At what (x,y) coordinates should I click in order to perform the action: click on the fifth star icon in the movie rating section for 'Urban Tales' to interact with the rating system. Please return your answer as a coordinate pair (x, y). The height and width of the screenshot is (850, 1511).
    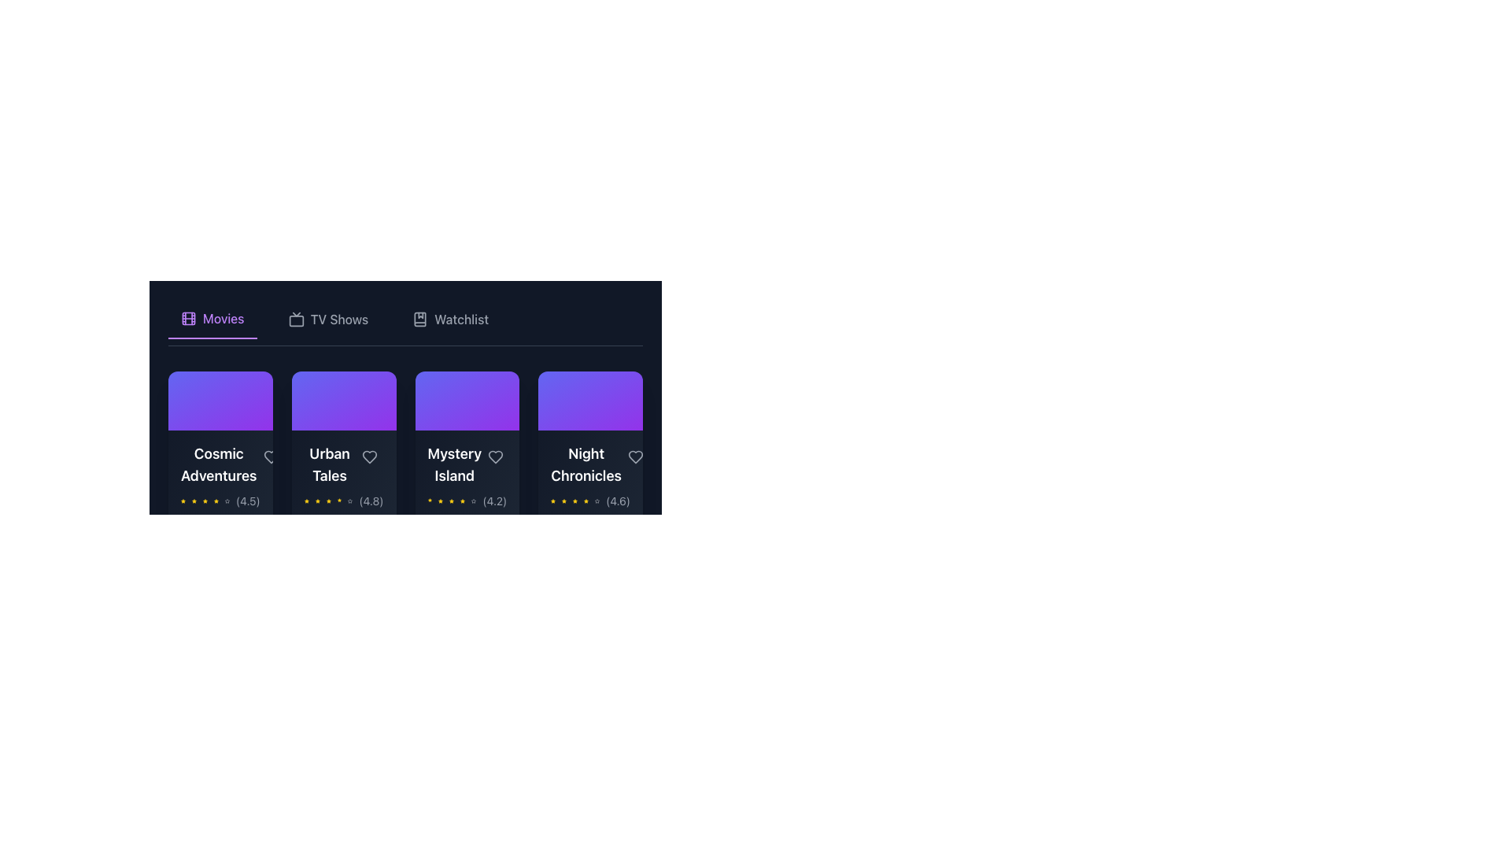
    Looking at the image, I should click on (349, 501).